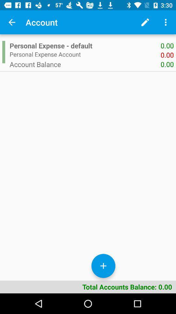 The image size is (176, 314). I want to click on the account balance  item, so click(85, 64).